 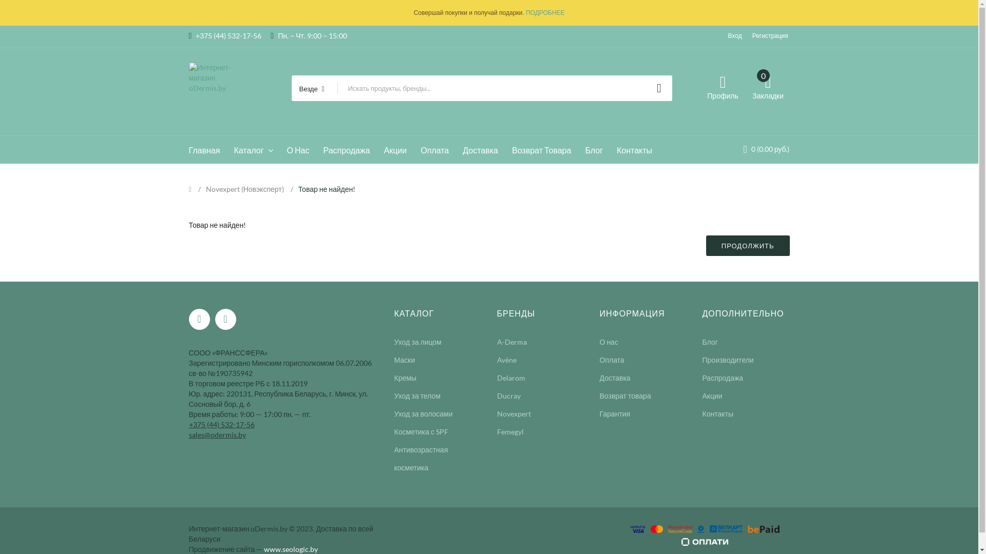 I want to click on 'Ducray', so click(x=497, y=395).